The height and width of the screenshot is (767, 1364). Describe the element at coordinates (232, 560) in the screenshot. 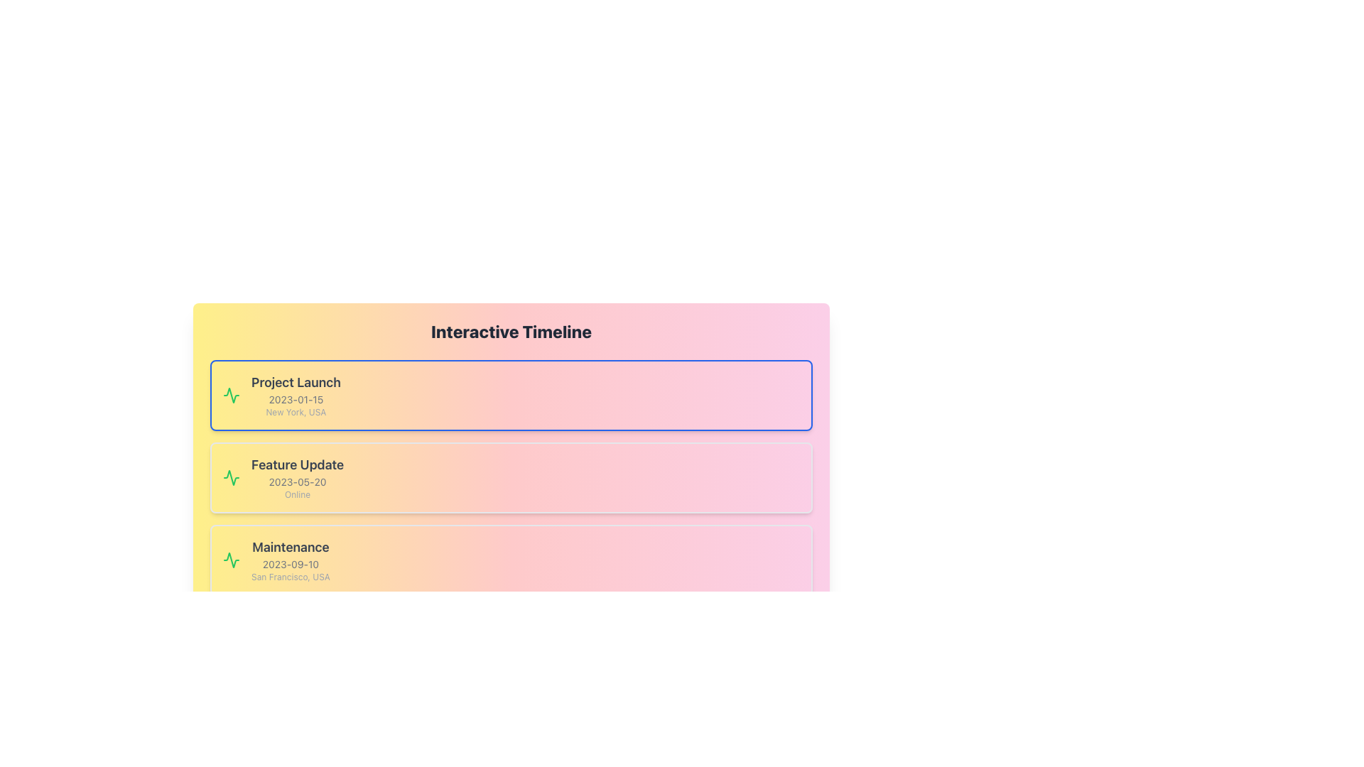

I see `the green waveform icon representing activity, located on the left side of the 'Maintenance' card in the timeline events list` at that location.